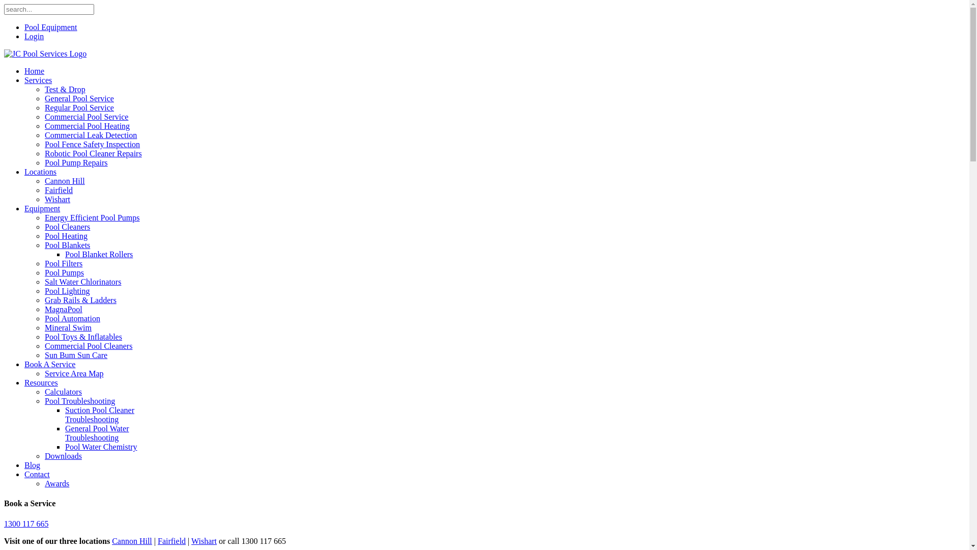  I want to click on 'Cannon Hill', so click(64, 180).